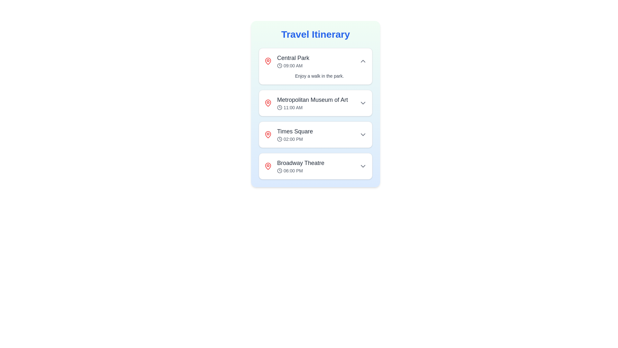  I want to click on the clock icon located to the immediate left of the text '02:00 PM' within the 'Times Square' entry in the list, so click(279, 139).